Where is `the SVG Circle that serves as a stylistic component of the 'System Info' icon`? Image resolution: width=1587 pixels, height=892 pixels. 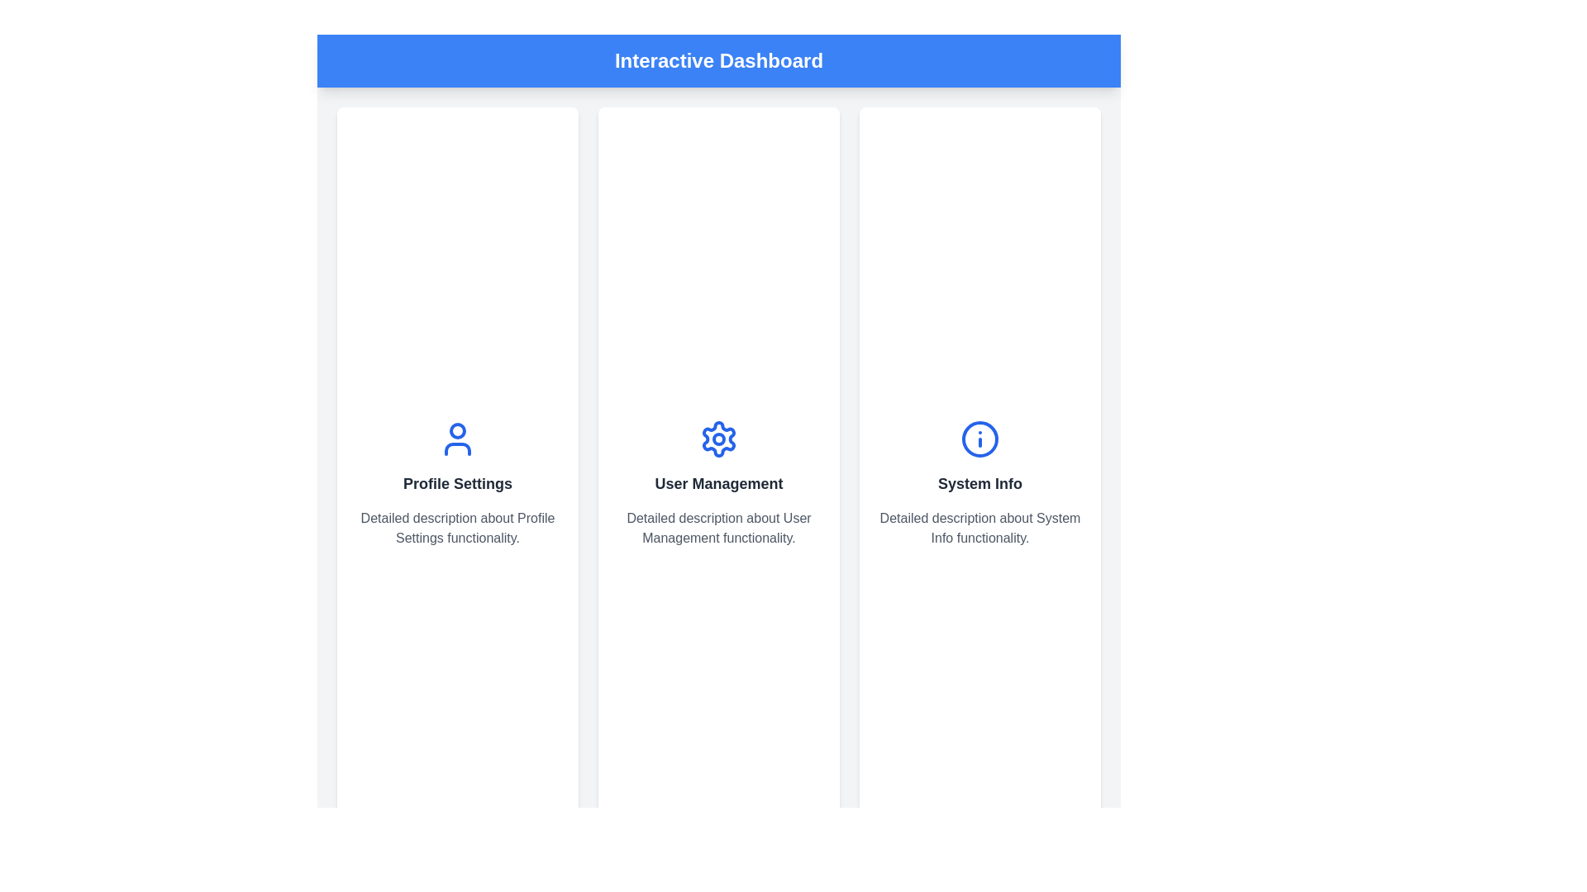
the SVG Circle that serves as a stylistic component of the 'System Info' icon is located at coordinates (979, 439).